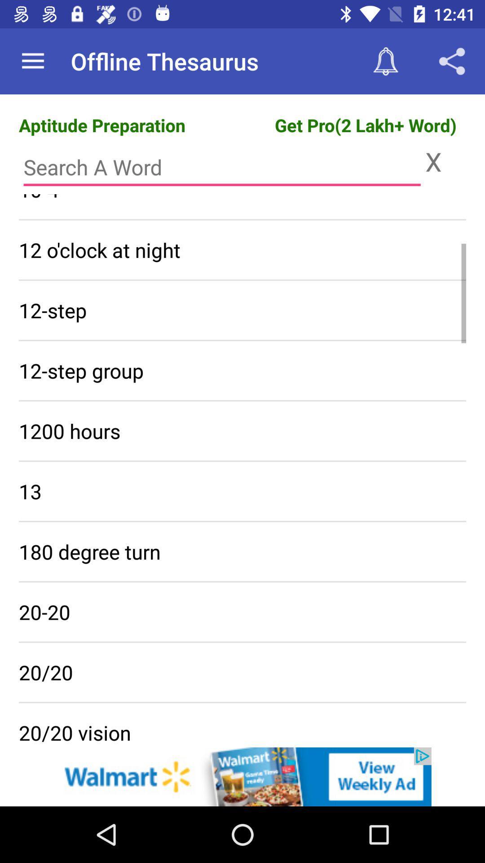 This screenshot has height=863, width=485. What do you see at coordinates (101, 125) in the screenshot?
I see `the text aptitude preparation` at bounding box center [101, 125].